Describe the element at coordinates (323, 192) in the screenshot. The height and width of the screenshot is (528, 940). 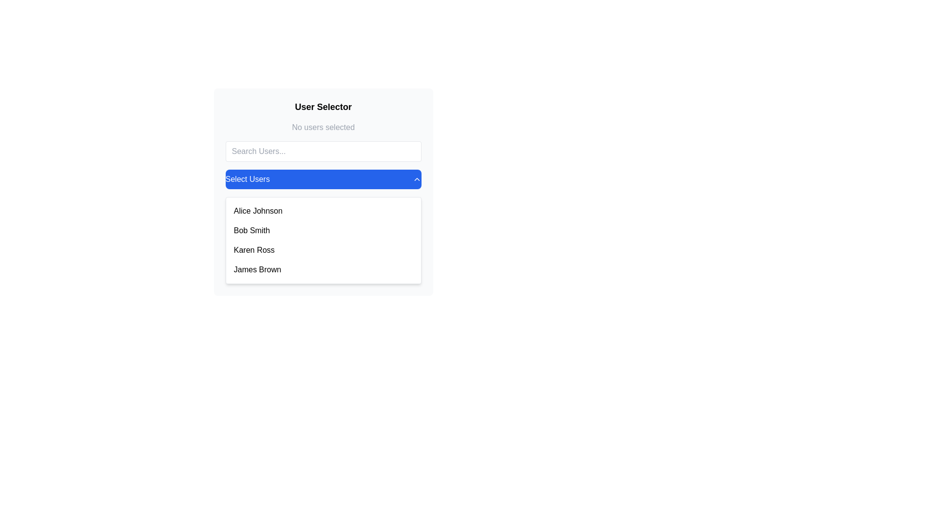
I see `the chevron icon located below the search input box and above the list of selectable users in the 'User Selector' panel to toggle the dropdown menu` at that location.